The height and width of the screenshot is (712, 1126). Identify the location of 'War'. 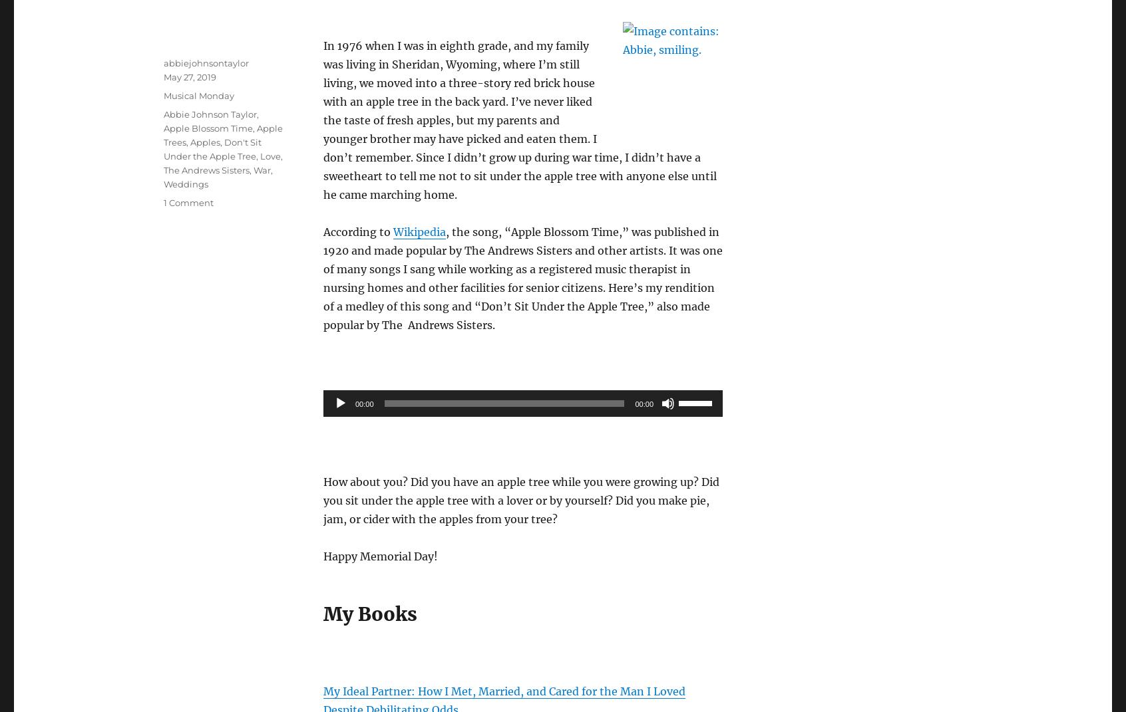
(254, 170).